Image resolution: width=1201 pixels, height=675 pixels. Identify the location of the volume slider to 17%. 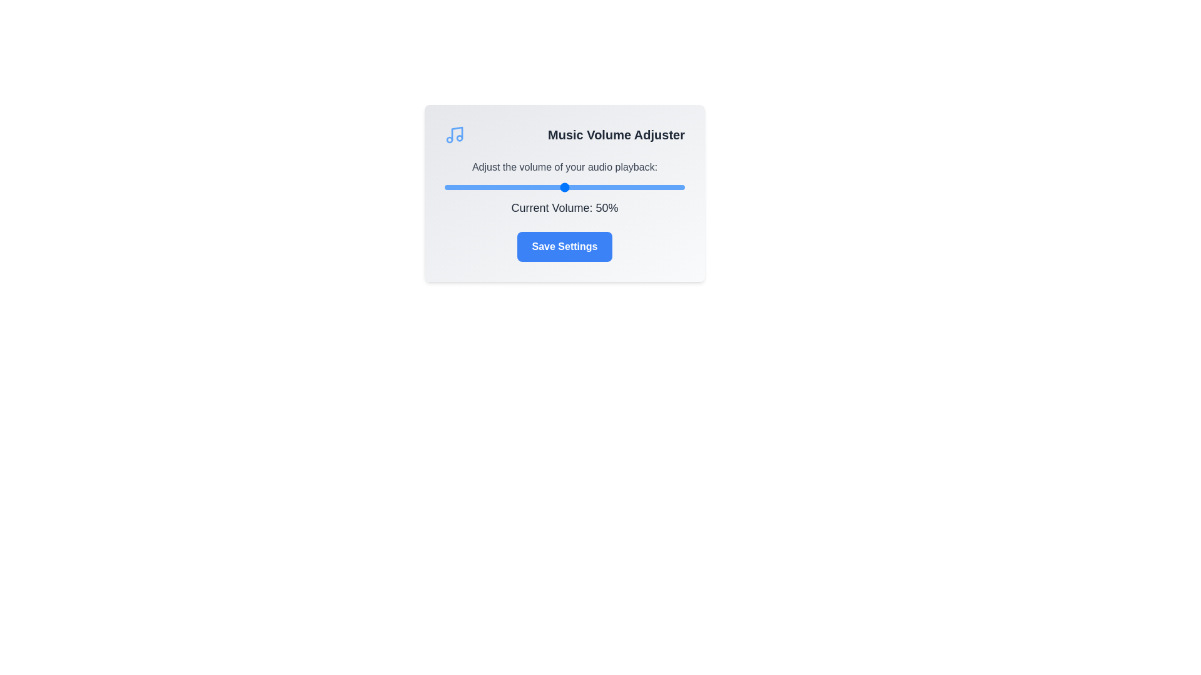
(485, 187).